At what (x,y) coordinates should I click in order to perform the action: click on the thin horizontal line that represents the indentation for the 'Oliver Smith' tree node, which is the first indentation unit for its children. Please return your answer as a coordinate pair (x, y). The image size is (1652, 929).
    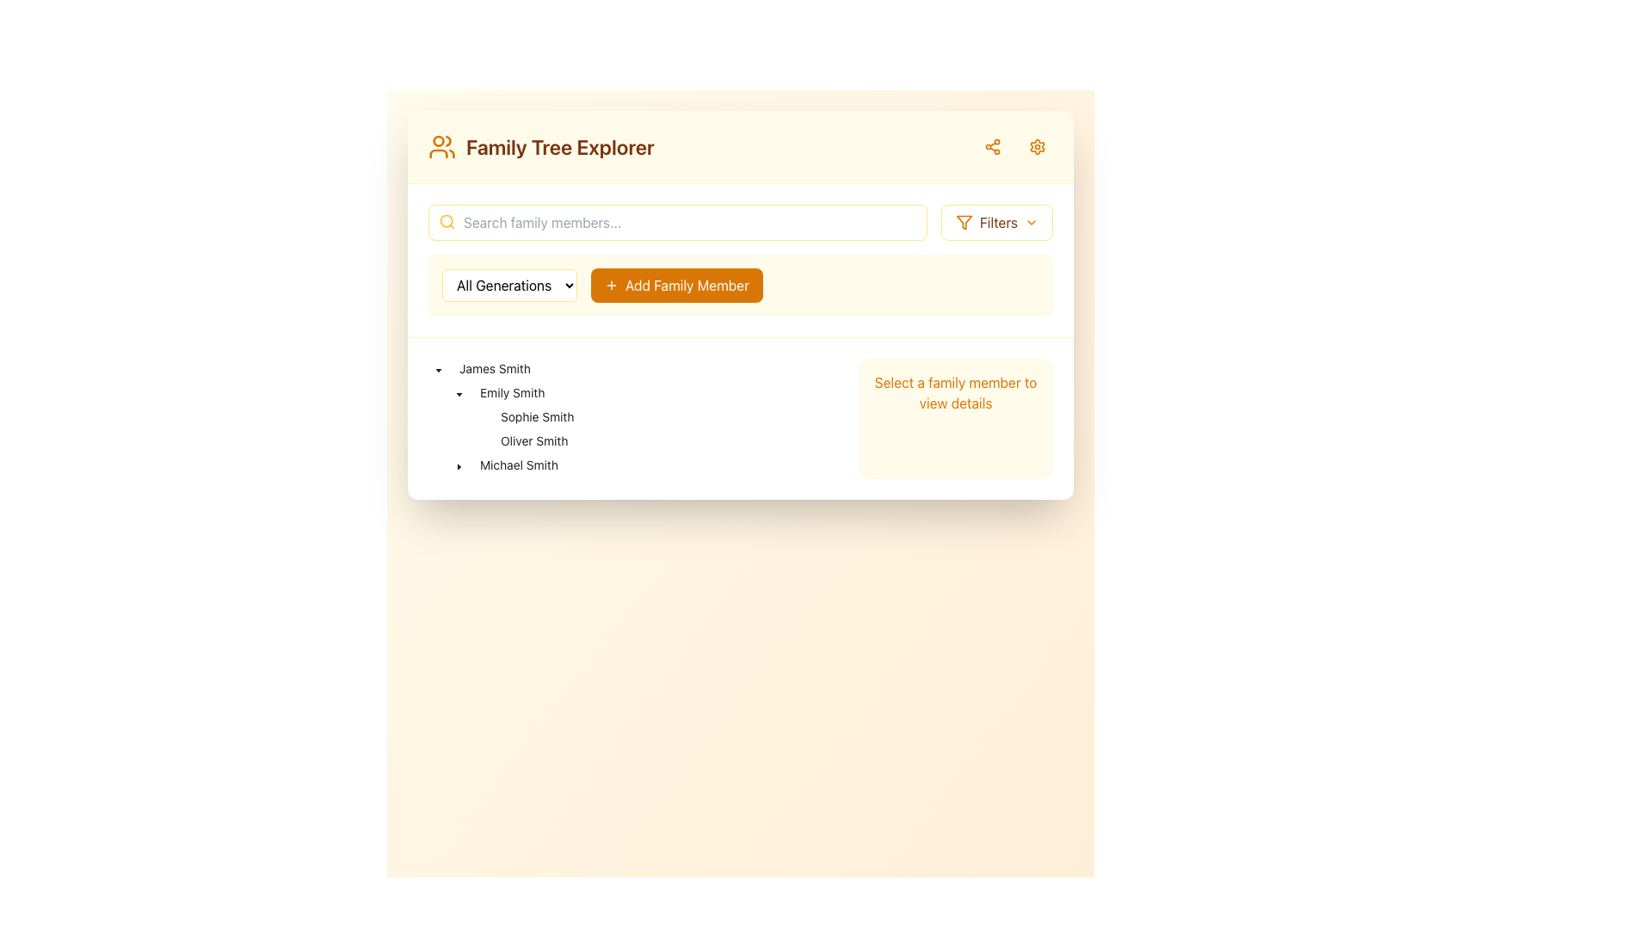
    Looking at the image, I should click on (449, 440).